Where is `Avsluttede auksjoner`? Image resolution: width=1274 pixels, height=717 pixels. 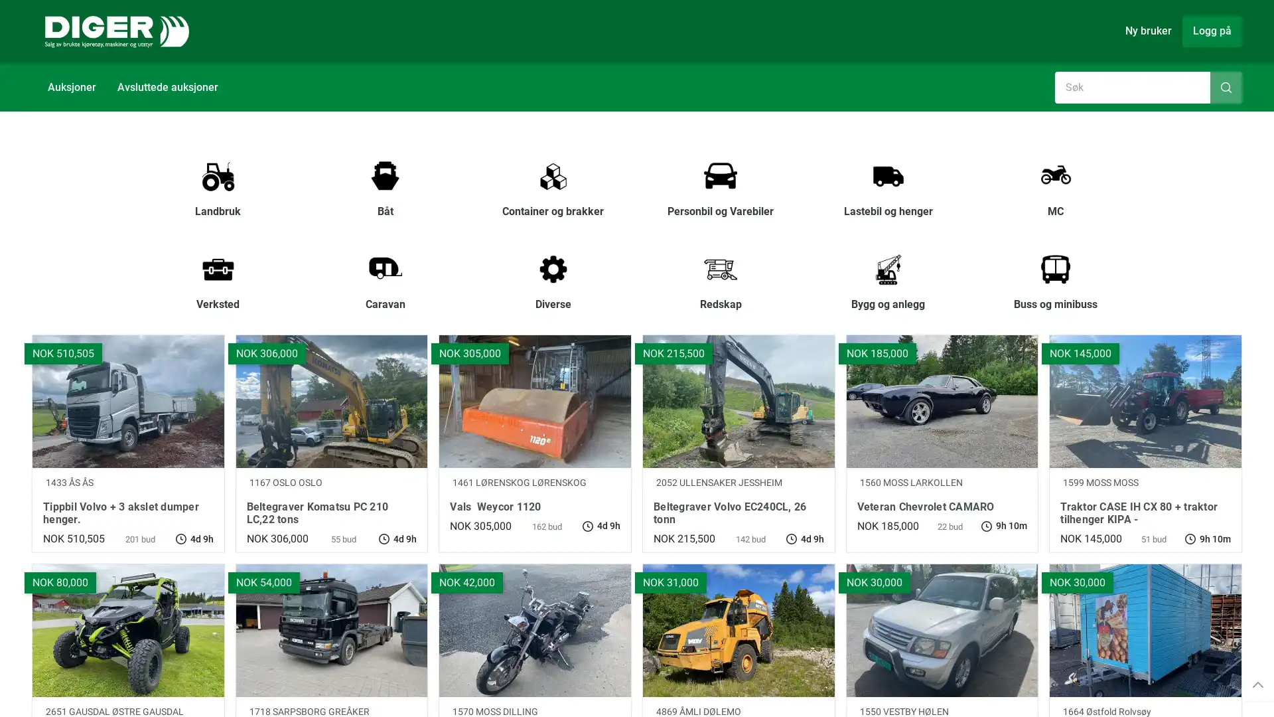 Avsluttede auksjoner is located at coordinates (167, 87).